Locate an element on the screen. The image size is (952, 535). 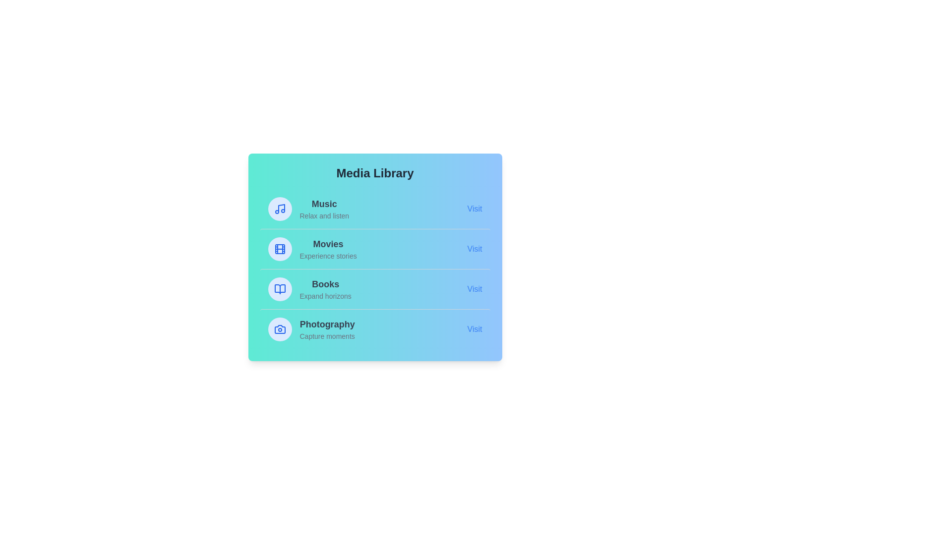
the icon representing Books in the Media Library is located at coordinates (279, 289).